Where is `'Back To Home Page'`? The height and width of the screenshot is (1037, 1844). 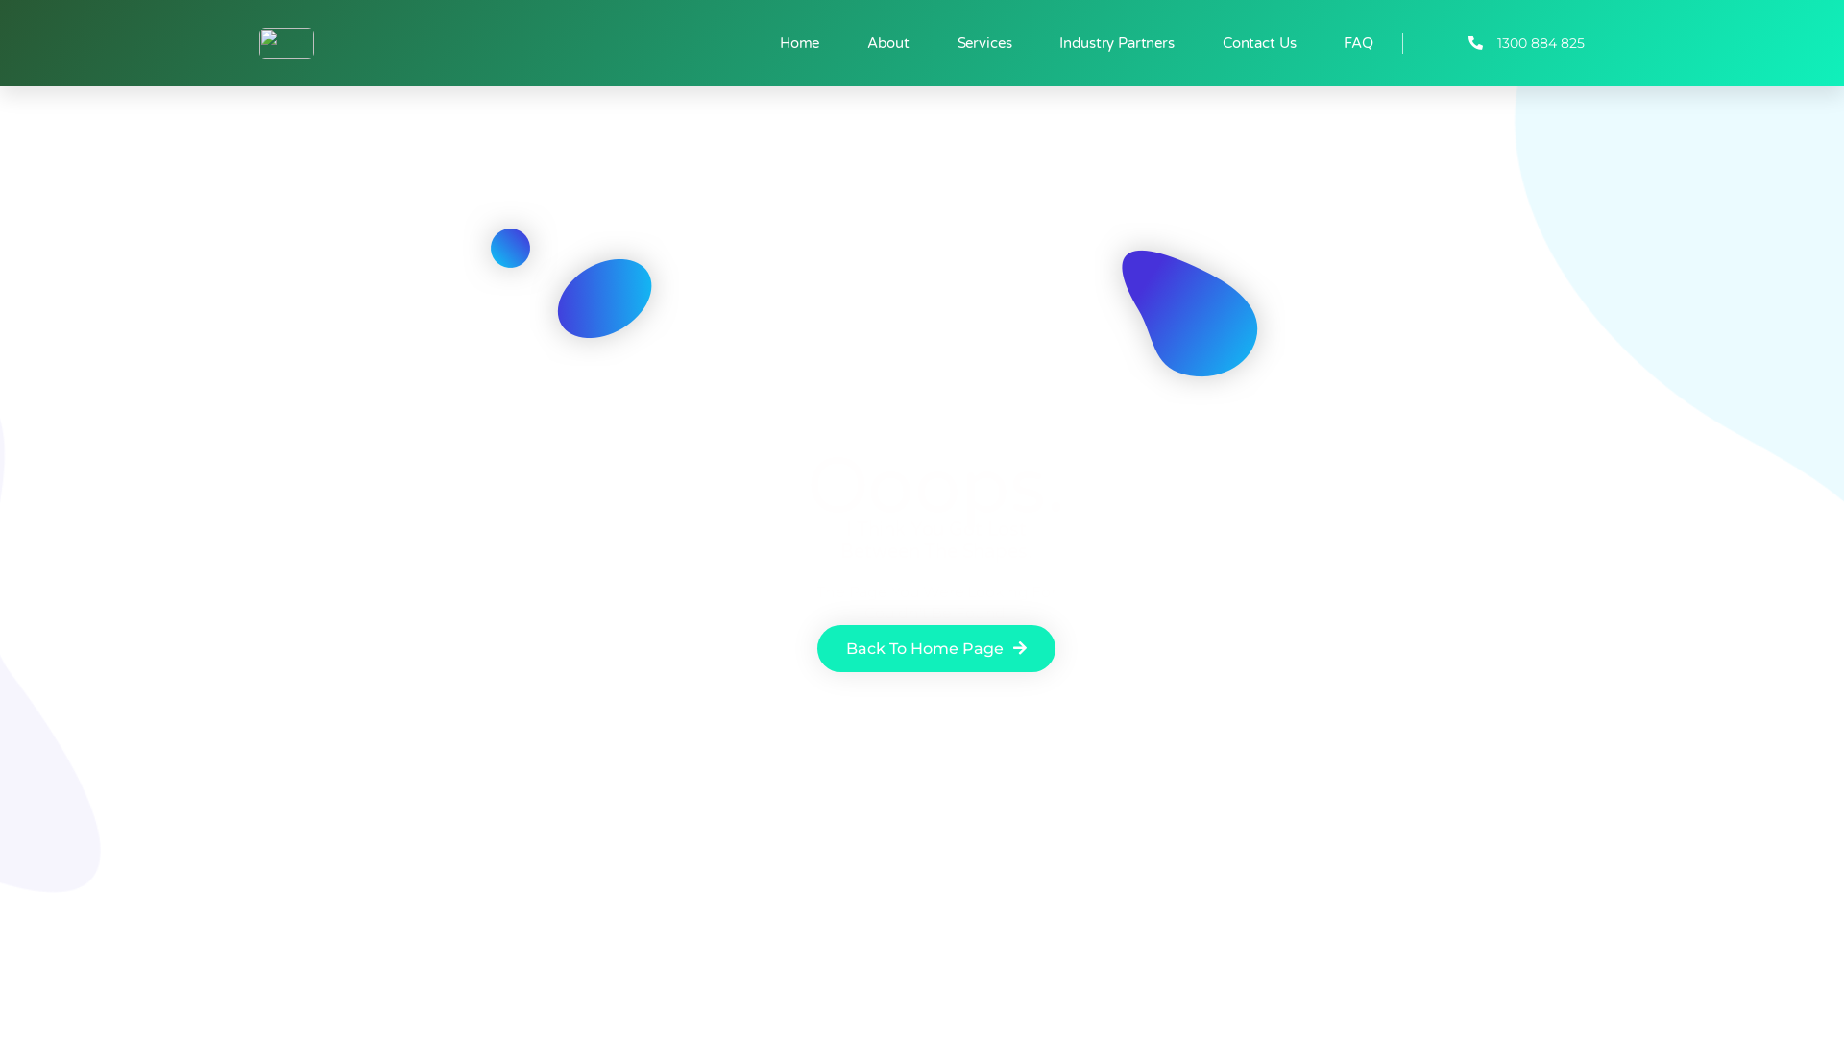 'Back To Home Page' is located at coordinates (935, 648).